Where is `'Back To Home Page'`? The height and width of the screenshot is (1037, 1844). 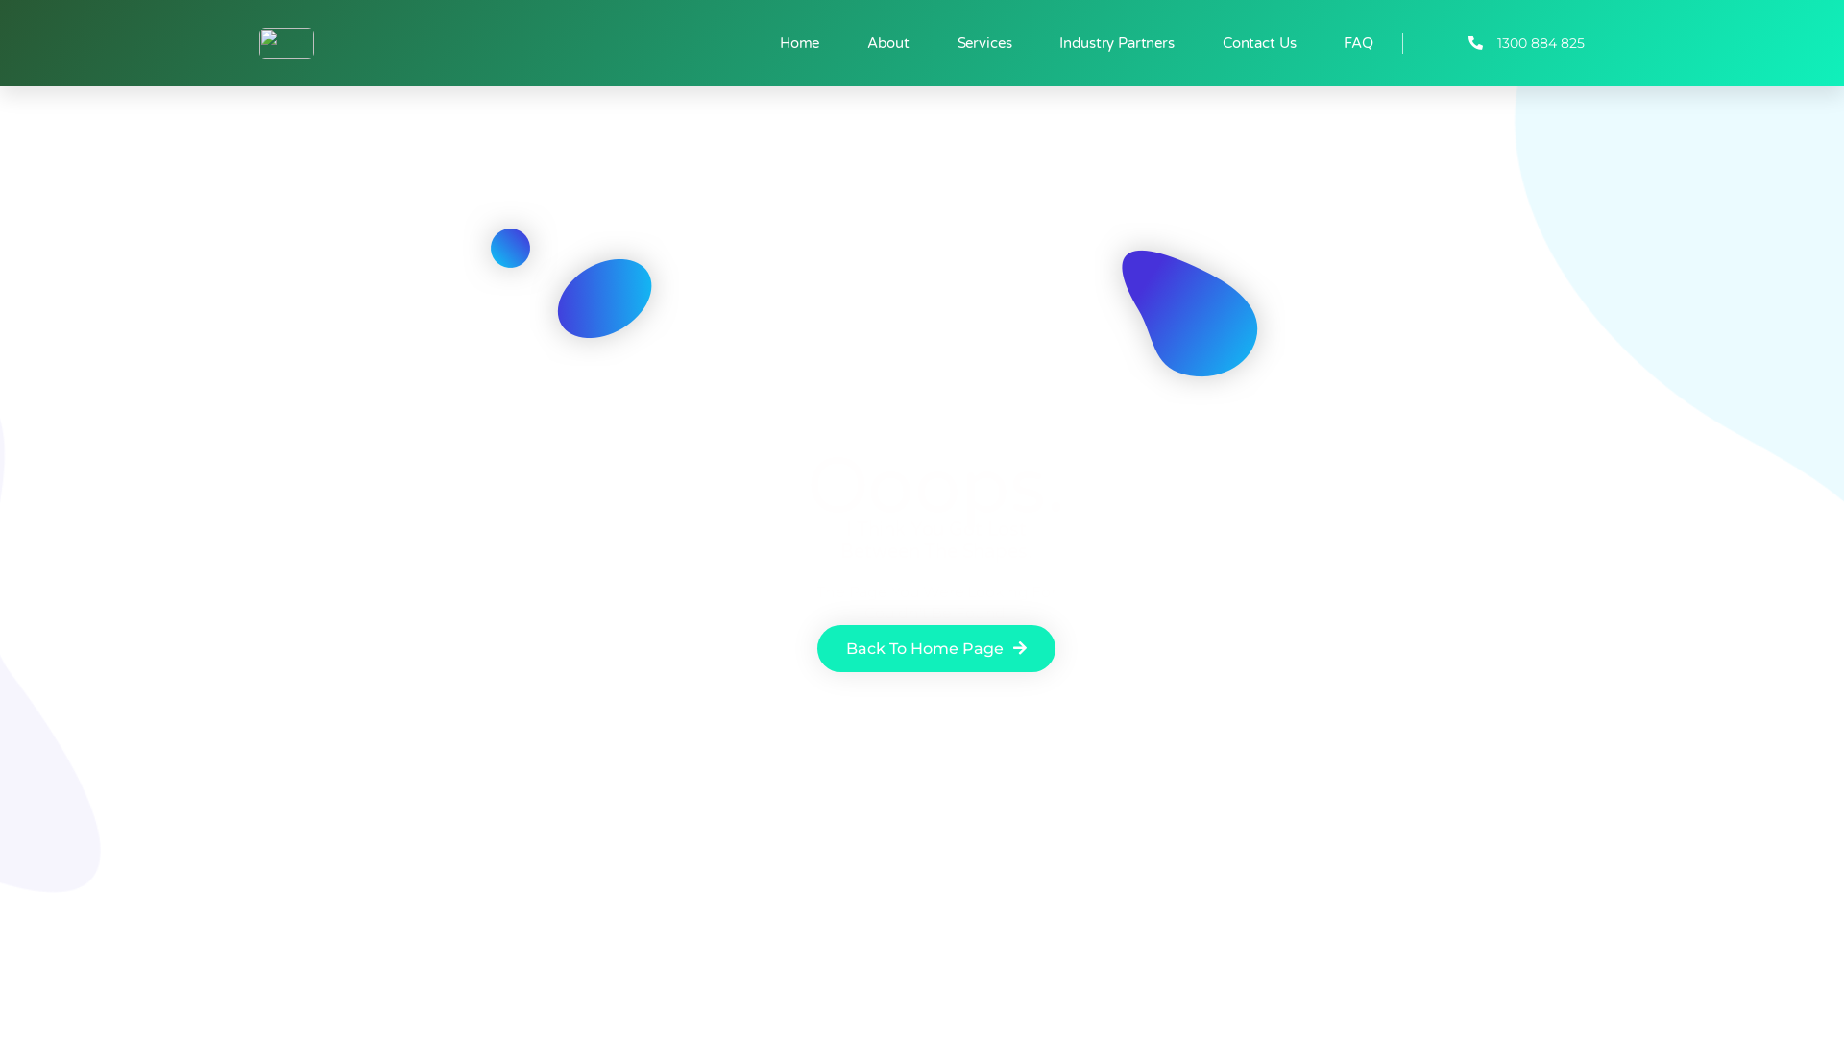 'Back To Home Page' is located at coordinates (935, 648).